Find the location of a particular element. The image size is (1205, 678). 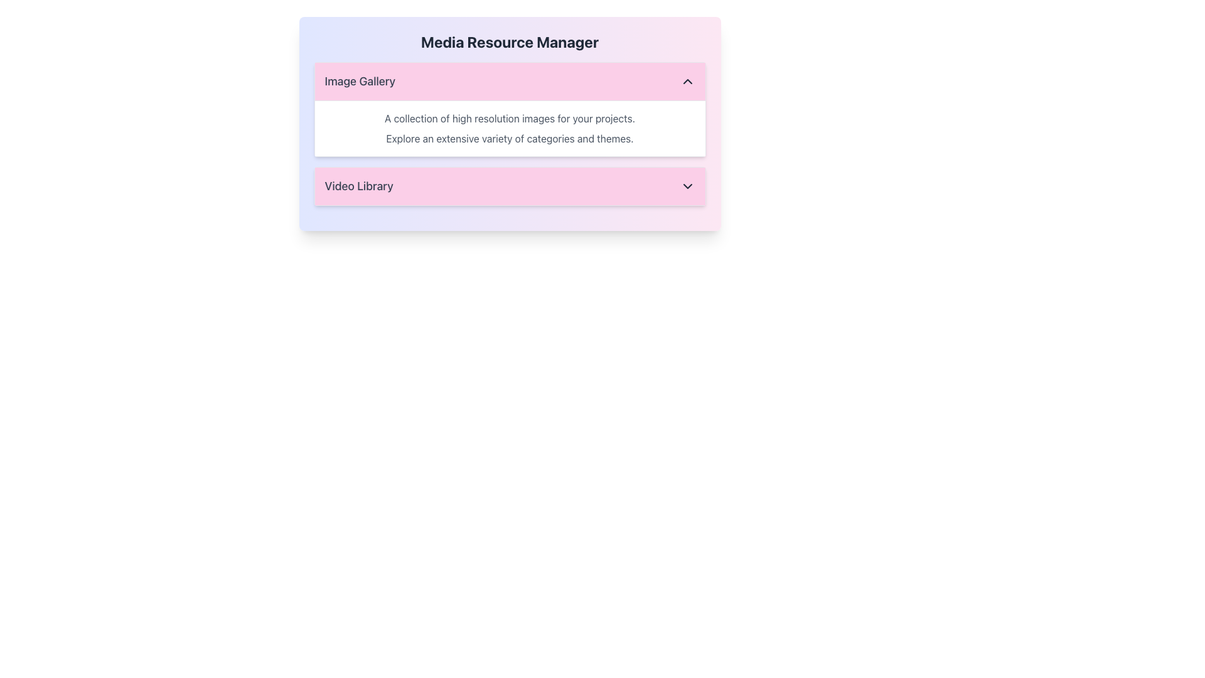

the chevron icon styled with a black outline and pink background located at the top-right corner of the 'Image Gallery' section is located at coordinates (687, 82).